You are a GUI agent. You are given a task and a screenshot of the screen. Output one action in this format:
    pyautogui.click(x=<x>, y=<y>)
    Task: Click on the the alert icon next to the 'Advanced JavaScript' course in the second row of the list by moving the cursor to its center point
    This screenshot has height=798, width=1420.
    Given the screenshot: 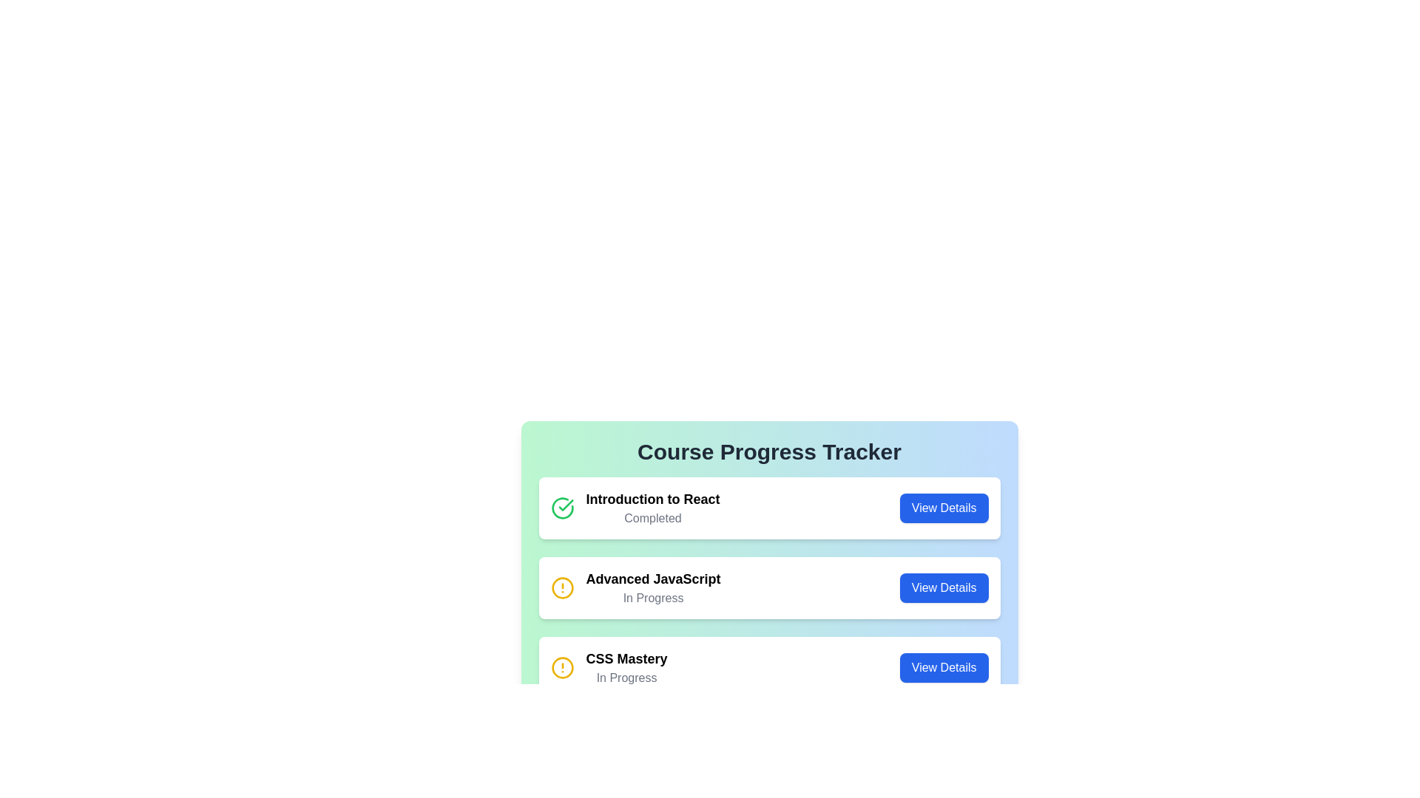 What is the action you would take?
    pyautogui.click(x=561, y=587)
    